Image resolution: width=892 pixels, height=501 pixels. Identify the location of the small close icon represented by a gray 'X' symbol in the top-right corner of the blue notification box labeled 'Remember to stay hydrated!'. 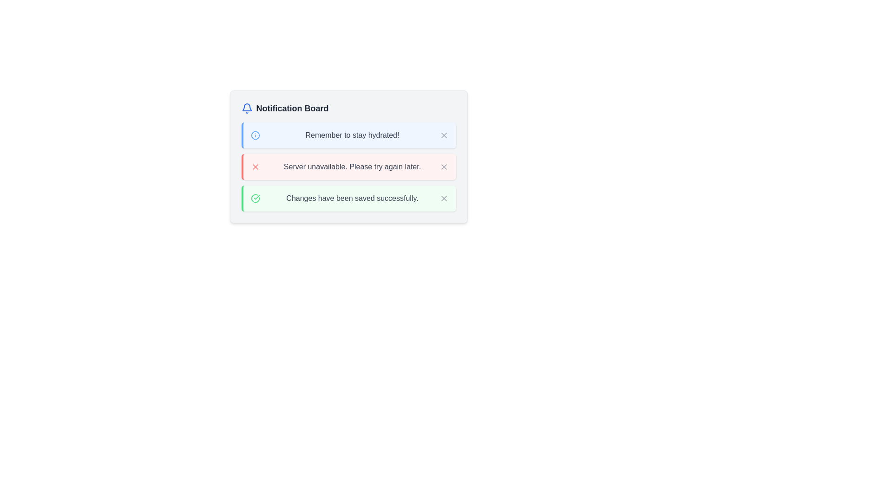
(443, 135).